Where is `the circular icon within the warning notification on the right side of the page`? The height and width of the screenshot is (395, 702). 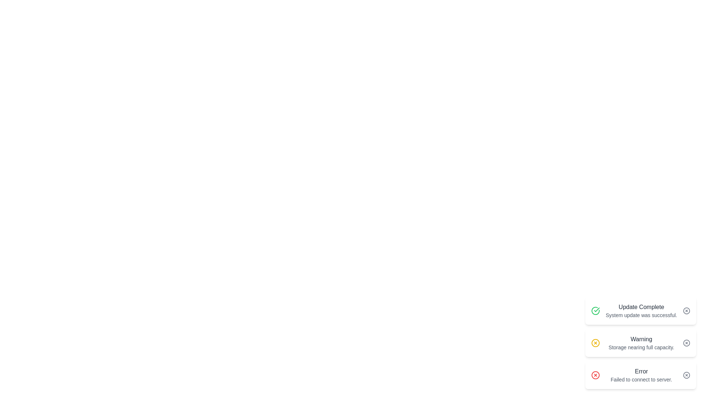
the circular icon within the warning notification on the right side of the page is located at coordinates (686, 343).